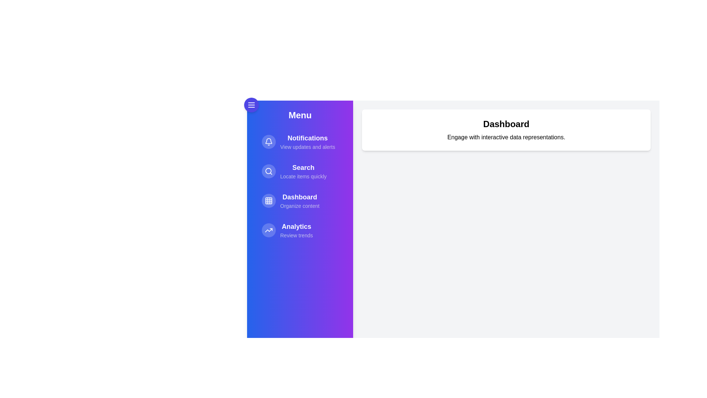 The height and width of the screenshot is (398, 707). I want to click on the menu item Dashboard to navigate or perform its action, so click(300, 200).